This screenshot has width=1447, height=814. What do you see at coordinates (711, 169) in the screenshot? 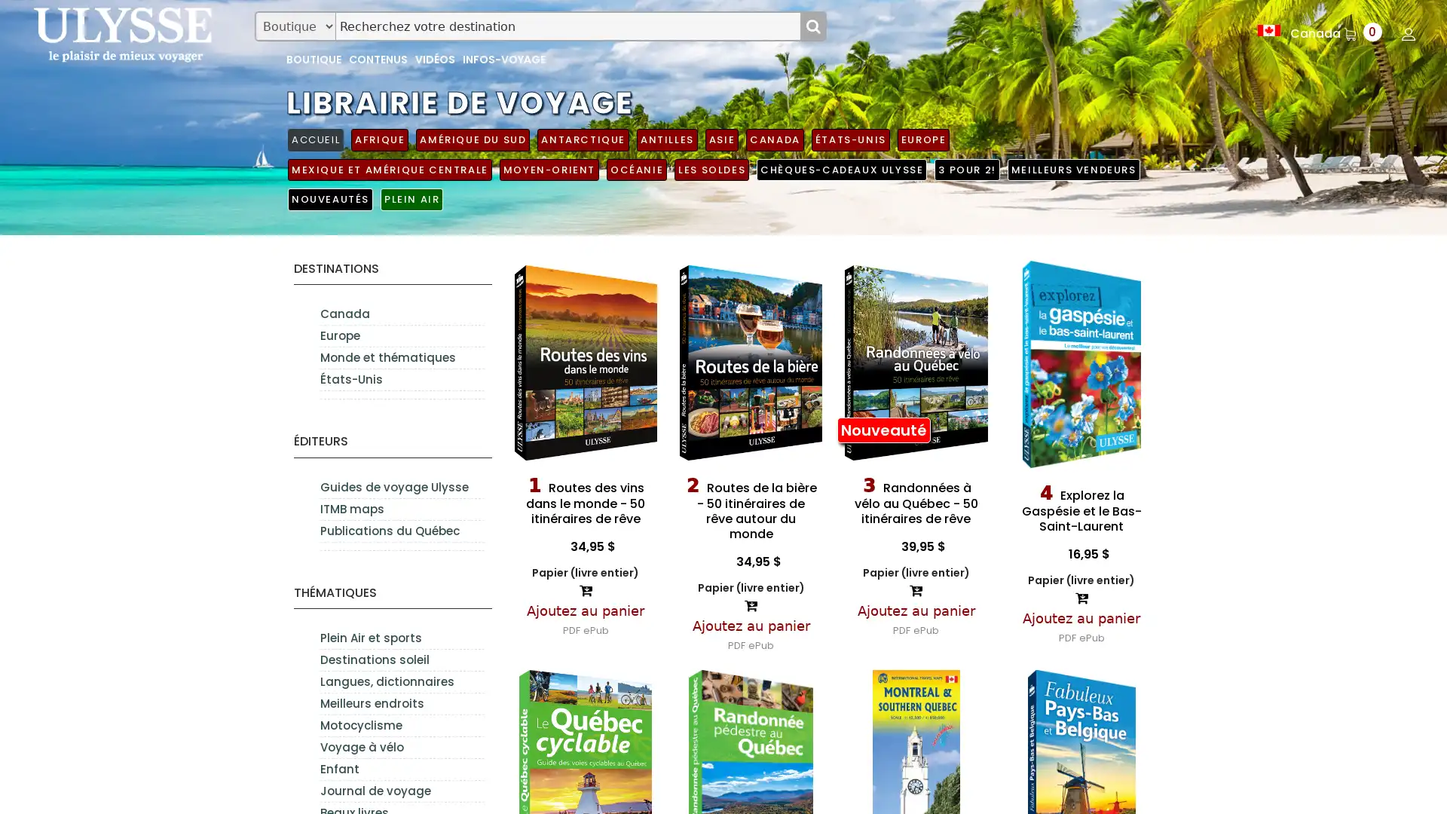
I see `LES SOLDES` at bounding box center [711, 169].